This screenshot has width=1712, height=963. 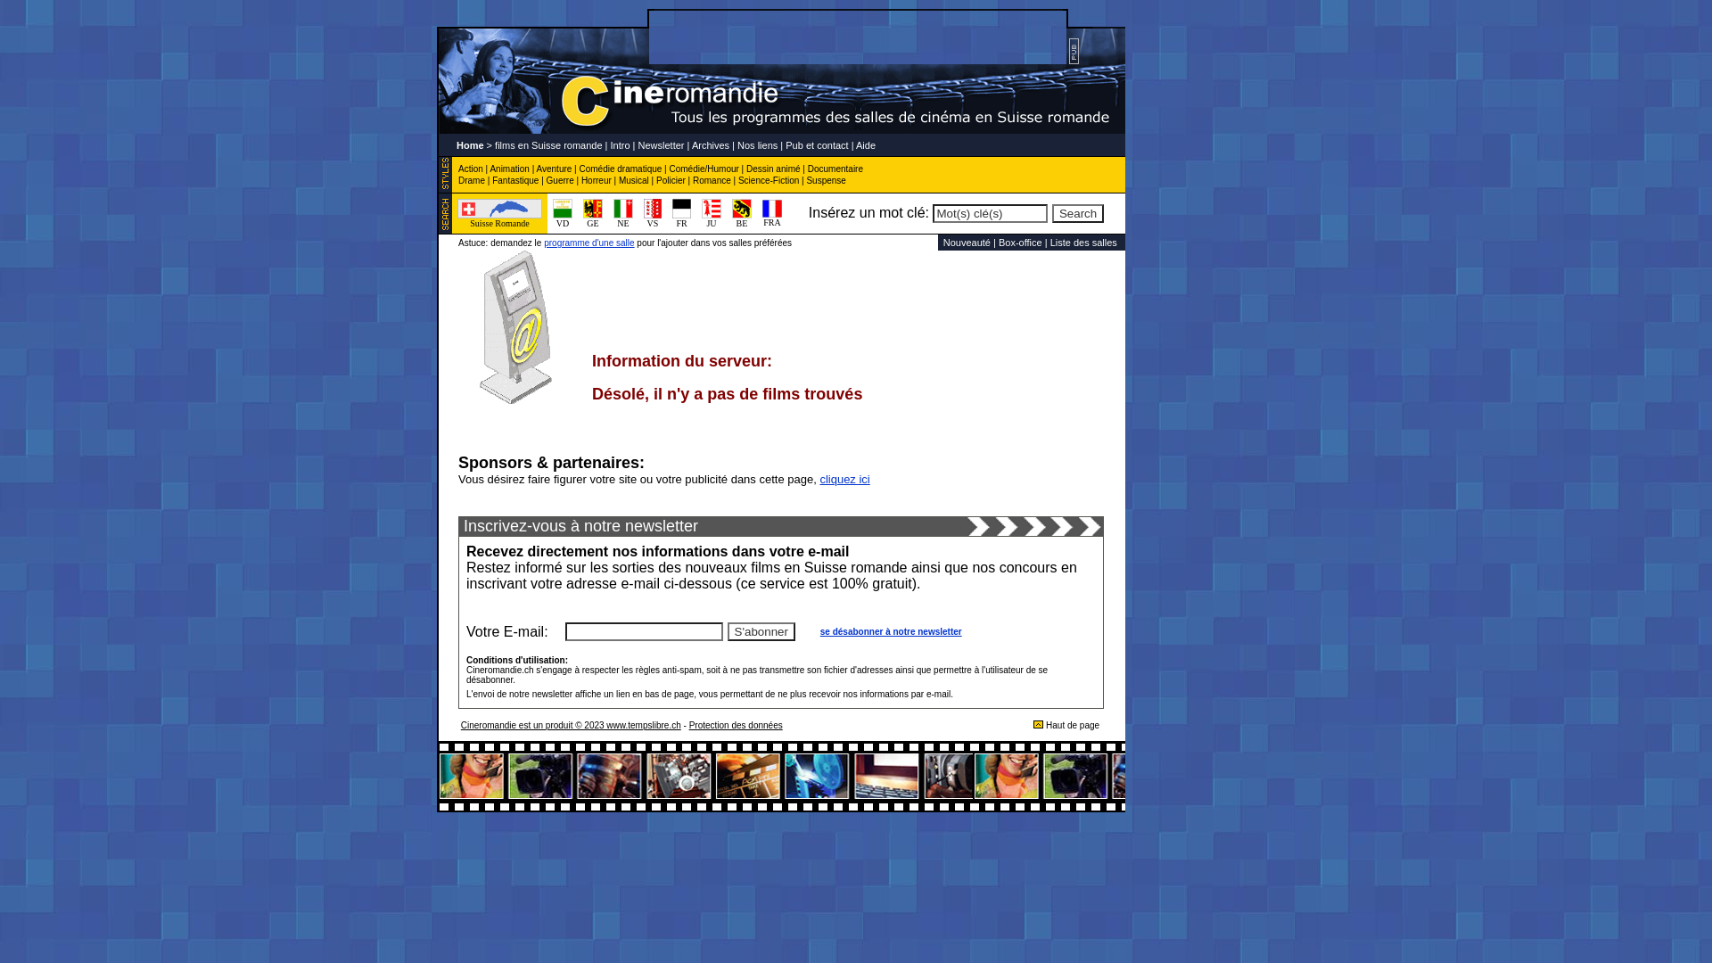 I want to click on 'Policier', so click(x=670, y=180).